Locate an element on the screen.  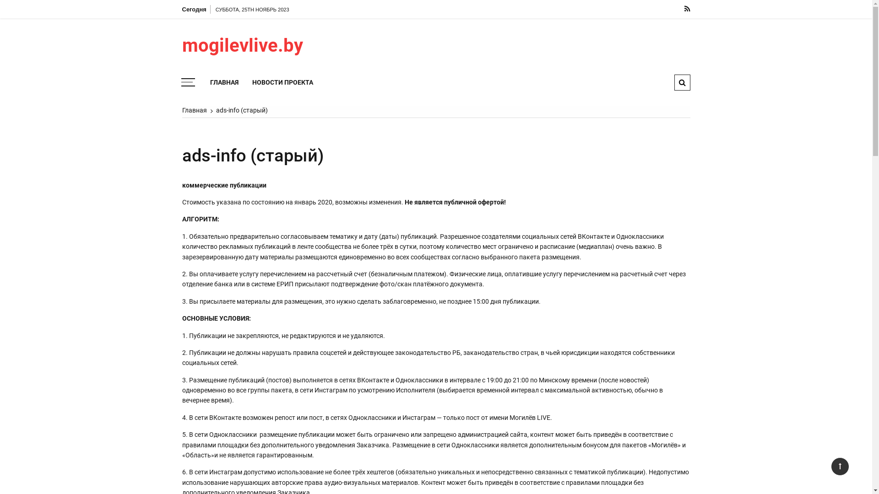
'mogilevlive.by' is located at coordinates (182, 46).